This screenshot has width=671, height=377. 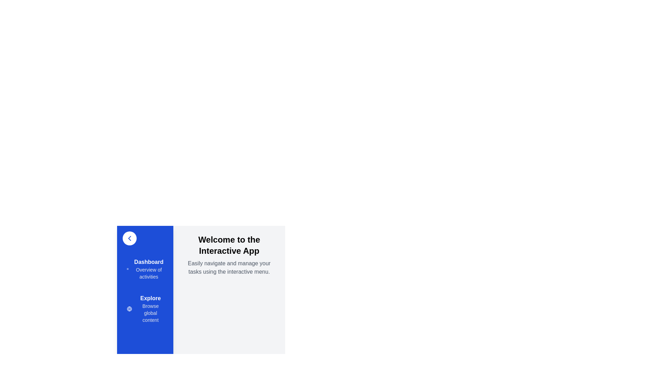 I want to click on the menu item Explore, so click(x=144, y=308).